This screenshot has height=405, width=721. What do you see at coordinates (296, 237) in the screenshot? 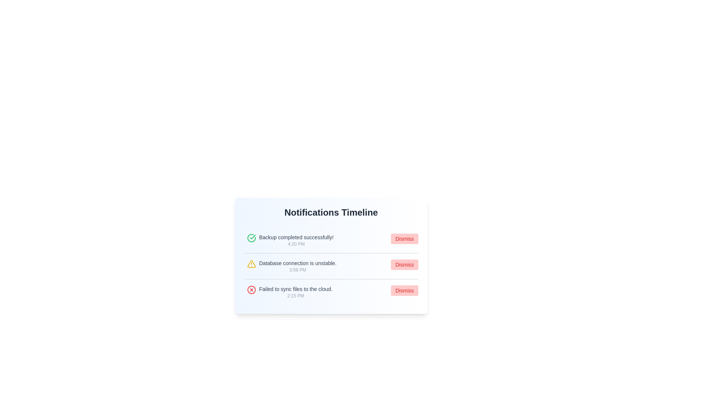
I see `the text label displaying 'Backup completed successfully!' in the Notifications Timeline section` at bounding box center [296, 237].